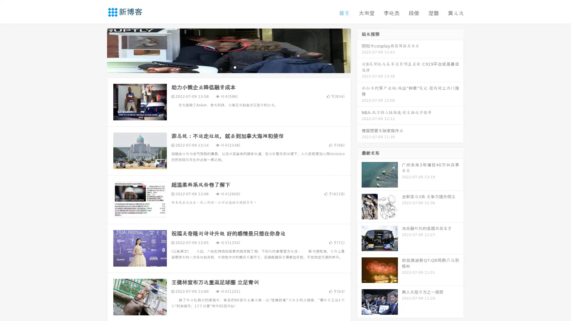  I want to click on Go to slide 2, so click(228, 67).